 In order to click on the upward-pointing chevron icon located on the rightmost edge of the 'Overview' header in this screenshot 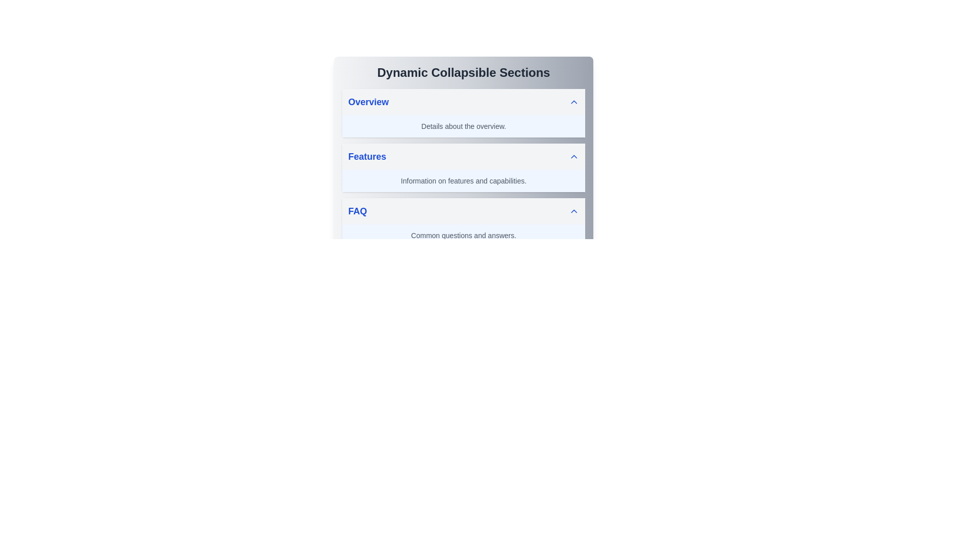, I will do `click(574, 102)`.